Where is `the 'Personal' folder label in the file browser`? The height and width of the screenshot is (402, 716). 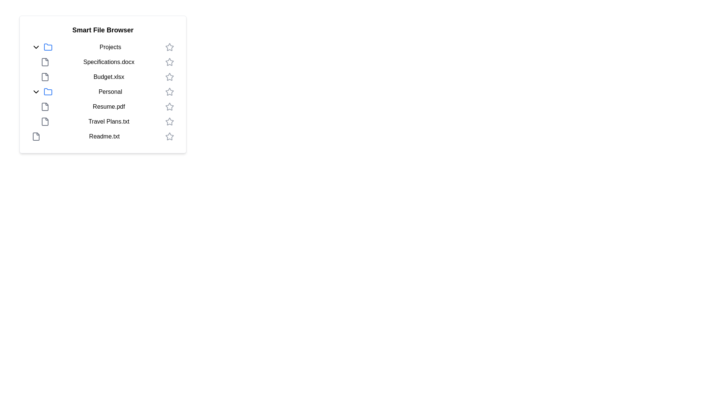 the 'Personal' folder label in the file browser is located at coordinates (110, 91).